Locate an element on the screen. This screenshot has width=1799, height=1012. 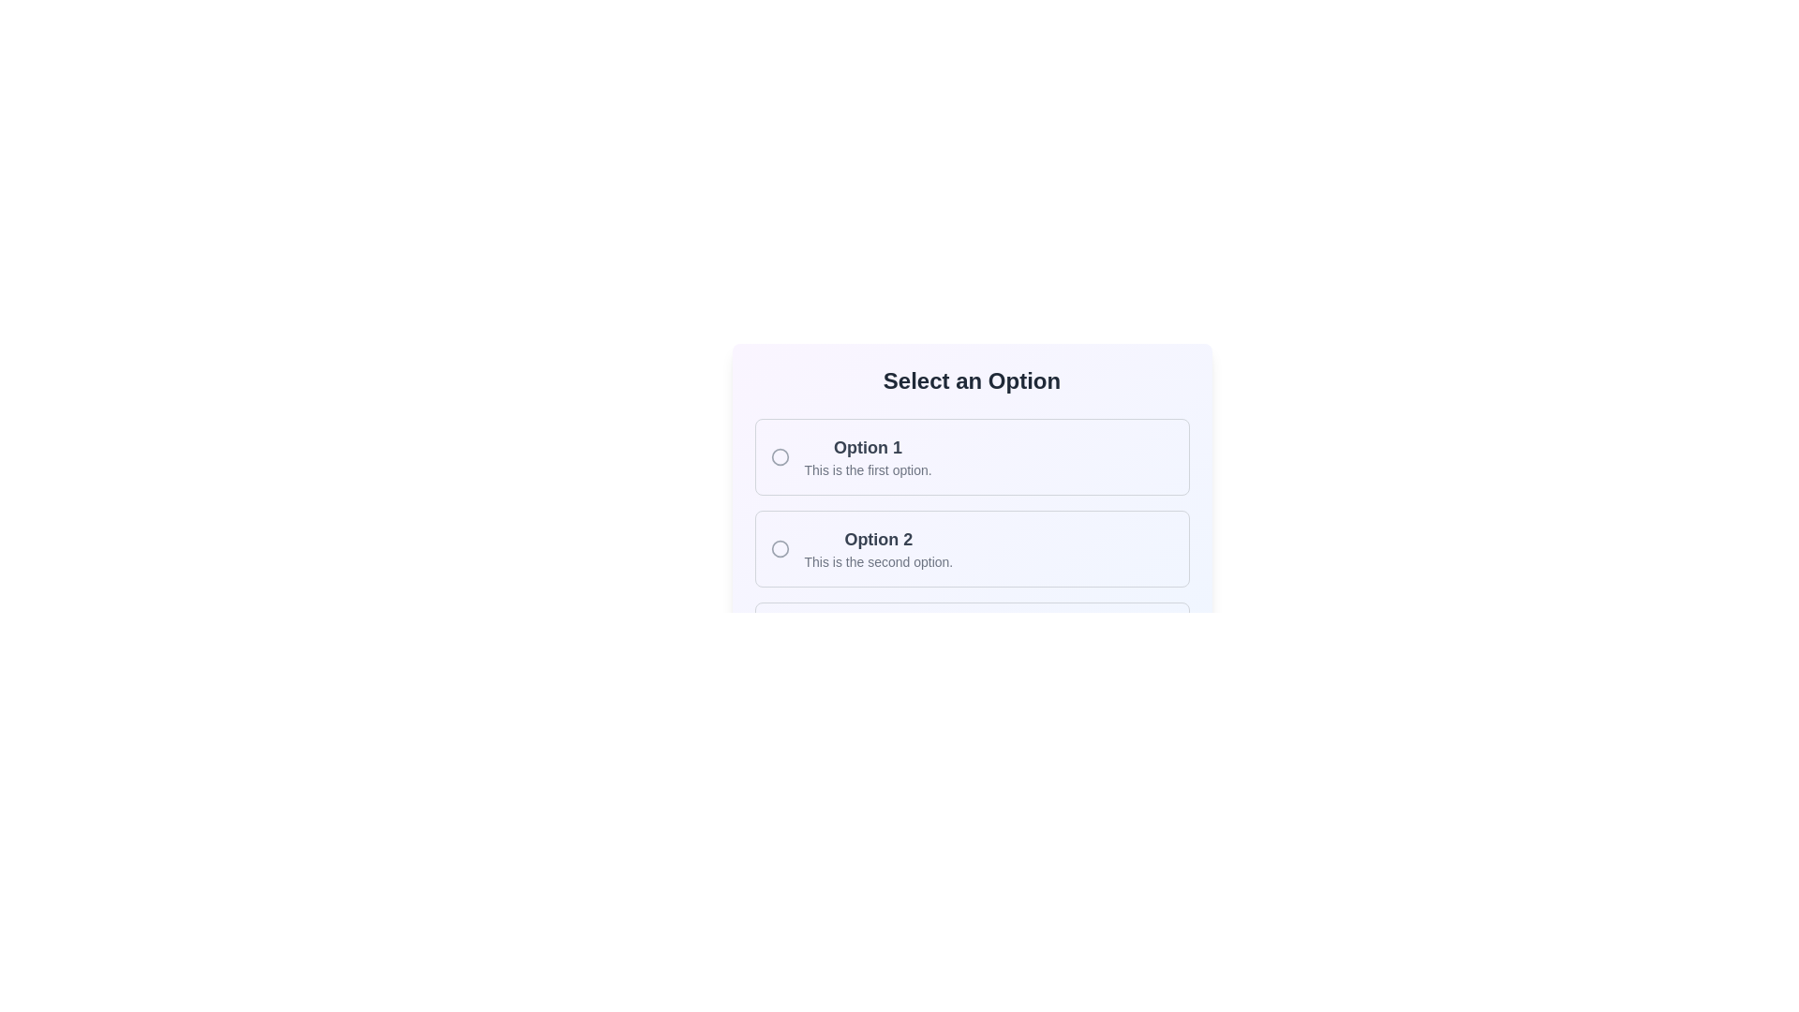
the decorative SVG Circle element located near the bottom of the interface, beneath the options section is located at coordinates (780, 639).